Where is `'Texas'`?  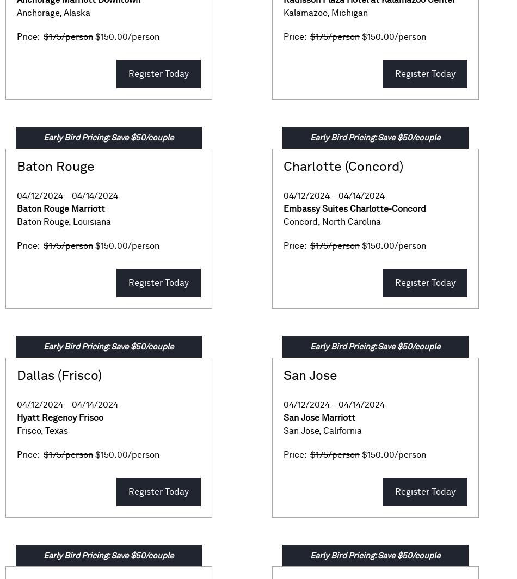
'Texas' is located at coordinates (57, 430).